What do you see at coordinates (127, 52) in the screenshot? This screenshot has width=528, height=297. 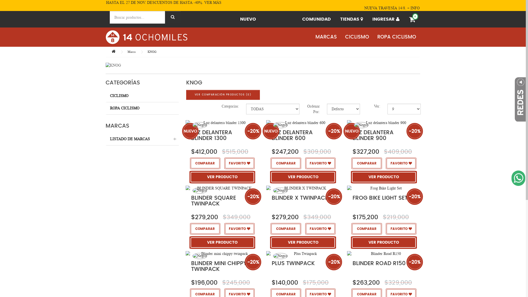 I see `'Marca'` at bounding box center [127, 52].